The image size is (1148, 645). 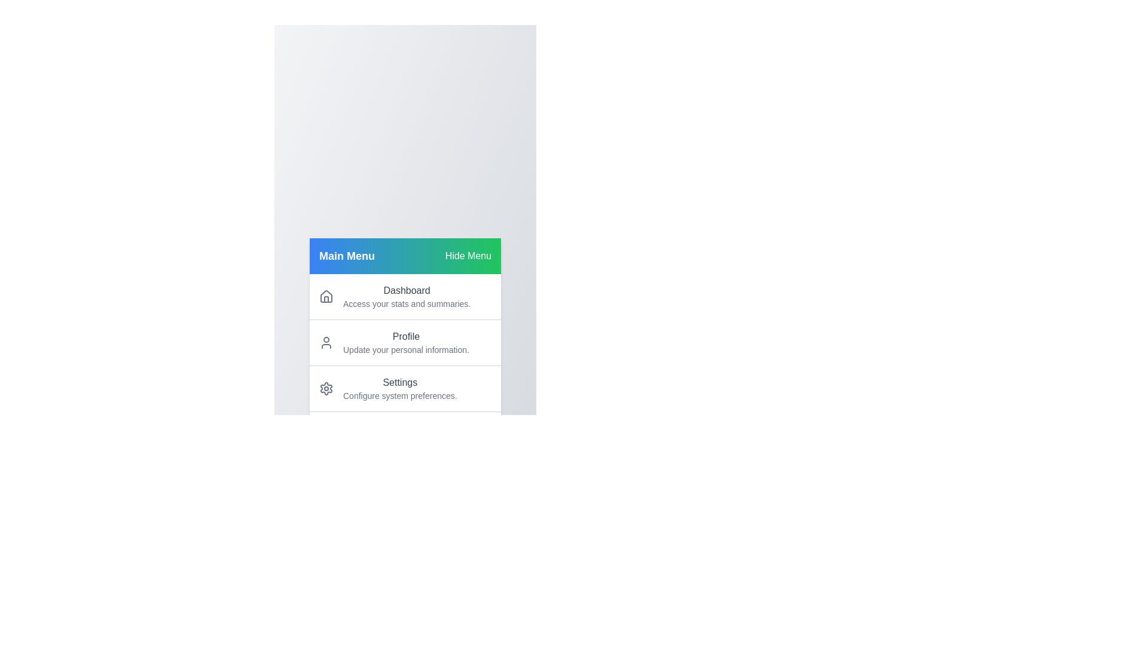 What do you see at coordinates (468, 255) in the screenshot?
I see `the 'Hide Menu' button to toggle the visibility of the menu` at bounding box center [468, 255].